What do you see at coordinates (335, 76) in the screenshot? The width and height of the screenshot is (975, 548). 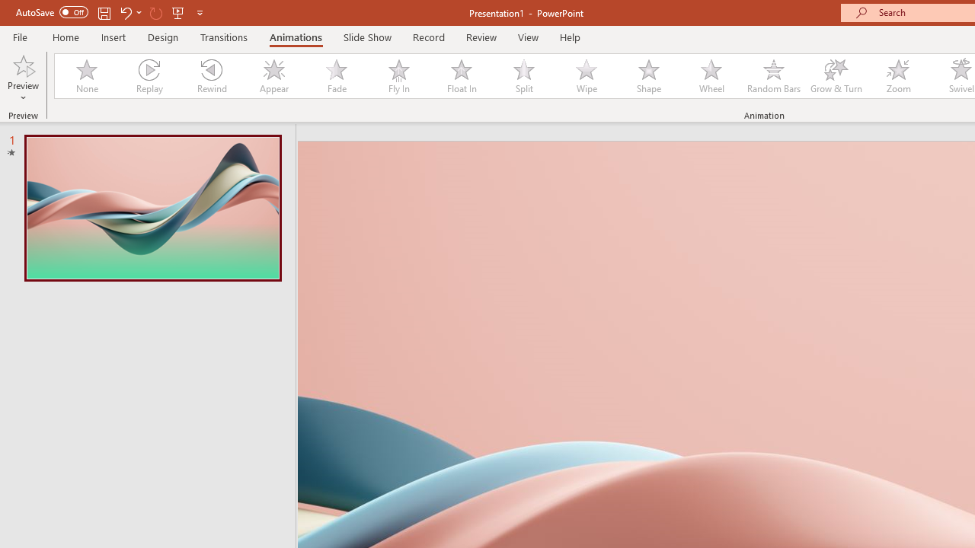 I see `'Fade'` at bounding box center [335, 76].